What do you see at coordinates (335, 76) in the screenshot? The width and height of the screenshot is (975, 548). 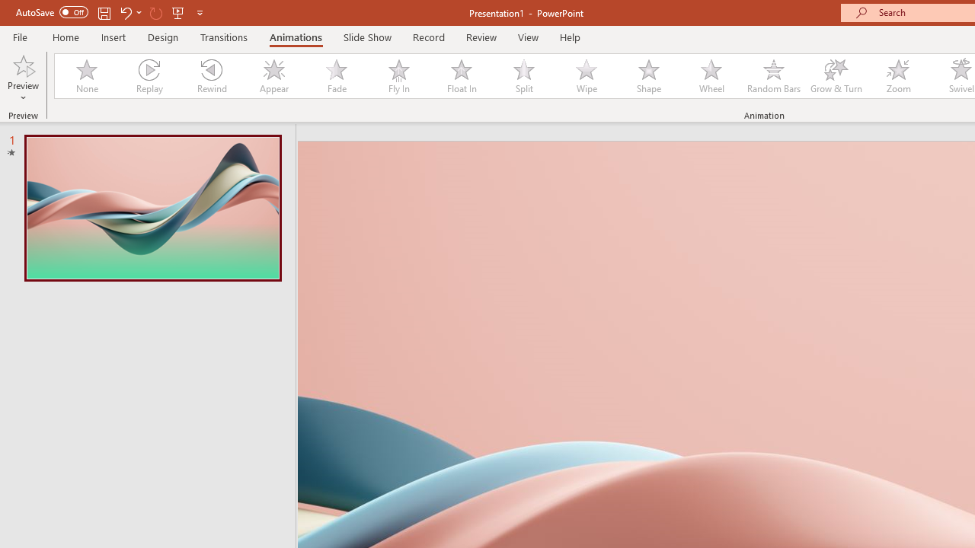 I see `'Fade'` at bounding box center [335, 76].